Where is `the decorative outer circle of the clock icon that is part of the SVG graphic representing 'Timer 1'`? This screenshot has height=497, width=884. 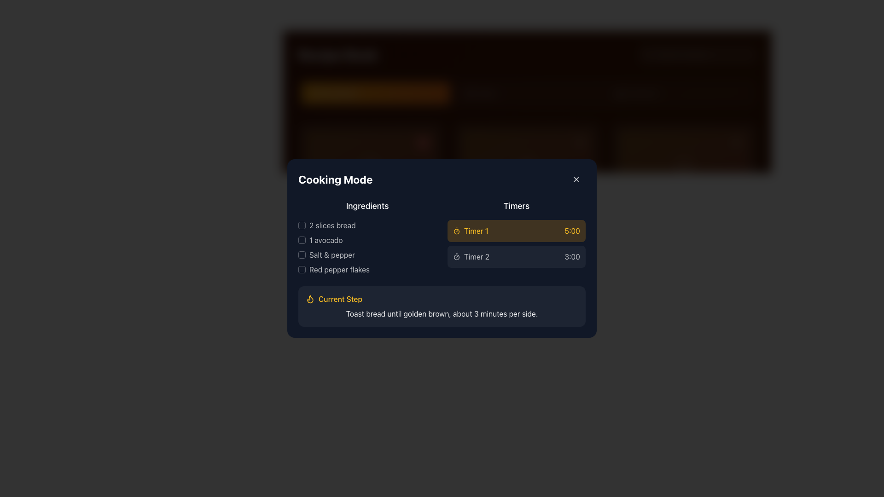 the decorative outer circle of the clock icon that is part of the SVG graphic representing 'Timer 1' is located at coordinates (465, 232).